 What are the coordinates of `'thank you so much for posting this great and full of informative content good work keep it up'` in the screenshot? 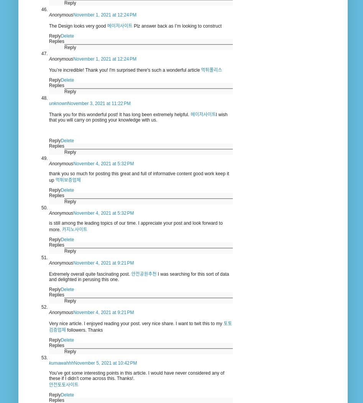 It's located at (138, 176).